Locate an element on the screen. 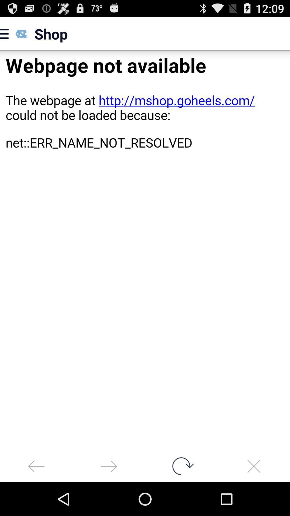 The width and height of the screenshot is (290, 516). go back is located at coordinates (36, 466).